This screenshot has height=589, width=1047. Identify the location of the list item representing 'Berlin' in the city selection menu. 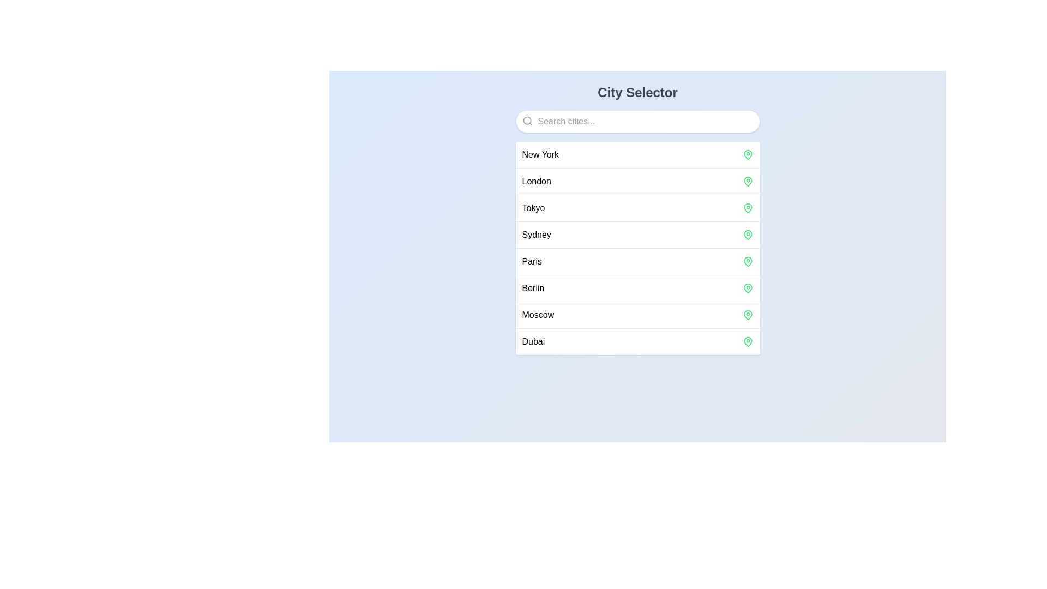
(637, 287).